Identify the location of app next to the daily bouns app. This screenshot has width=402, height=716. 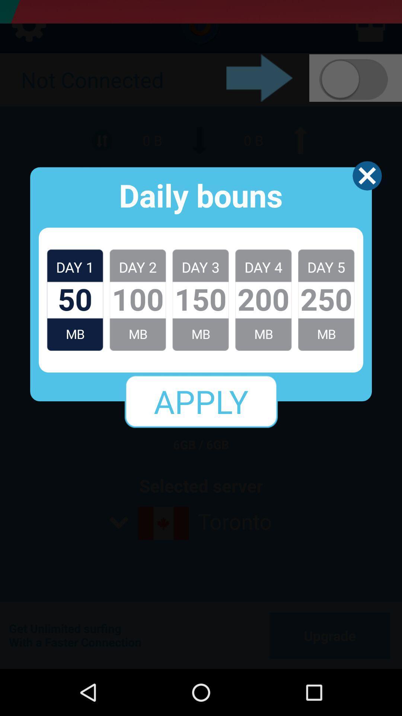
(367, 175).